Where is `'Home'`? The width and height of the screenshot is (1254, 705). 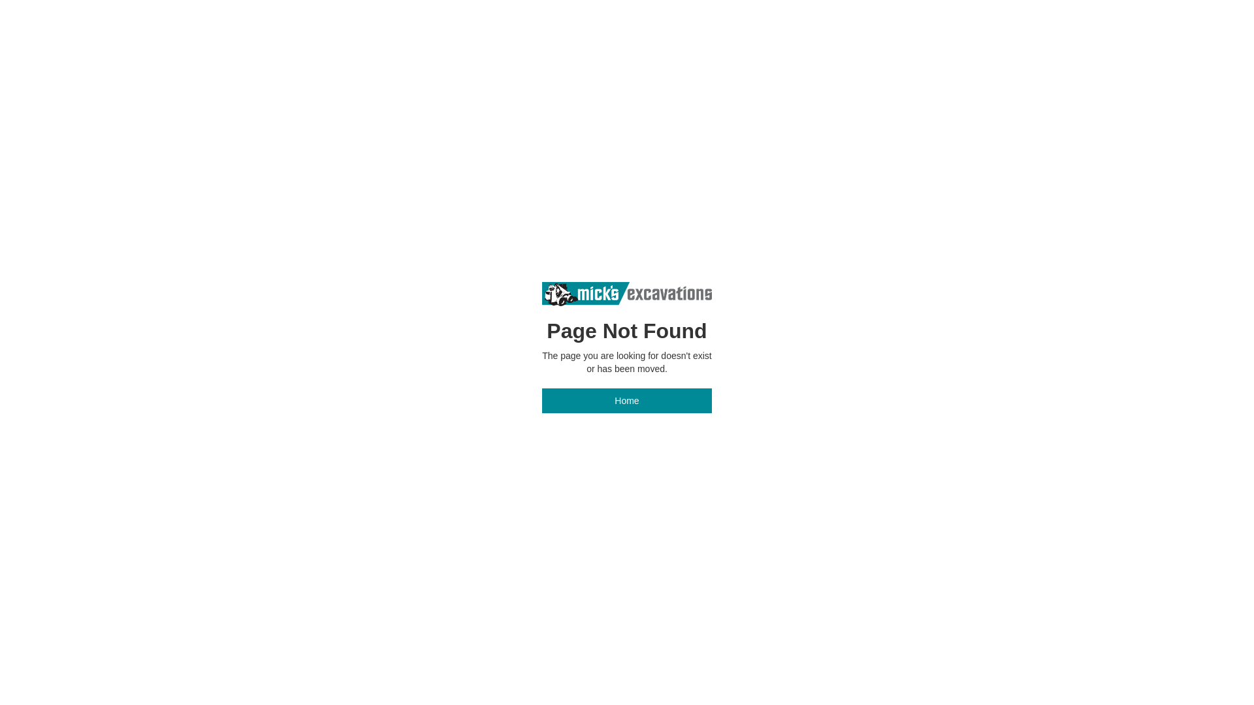
'Home' is located at coordinates (627, 399).